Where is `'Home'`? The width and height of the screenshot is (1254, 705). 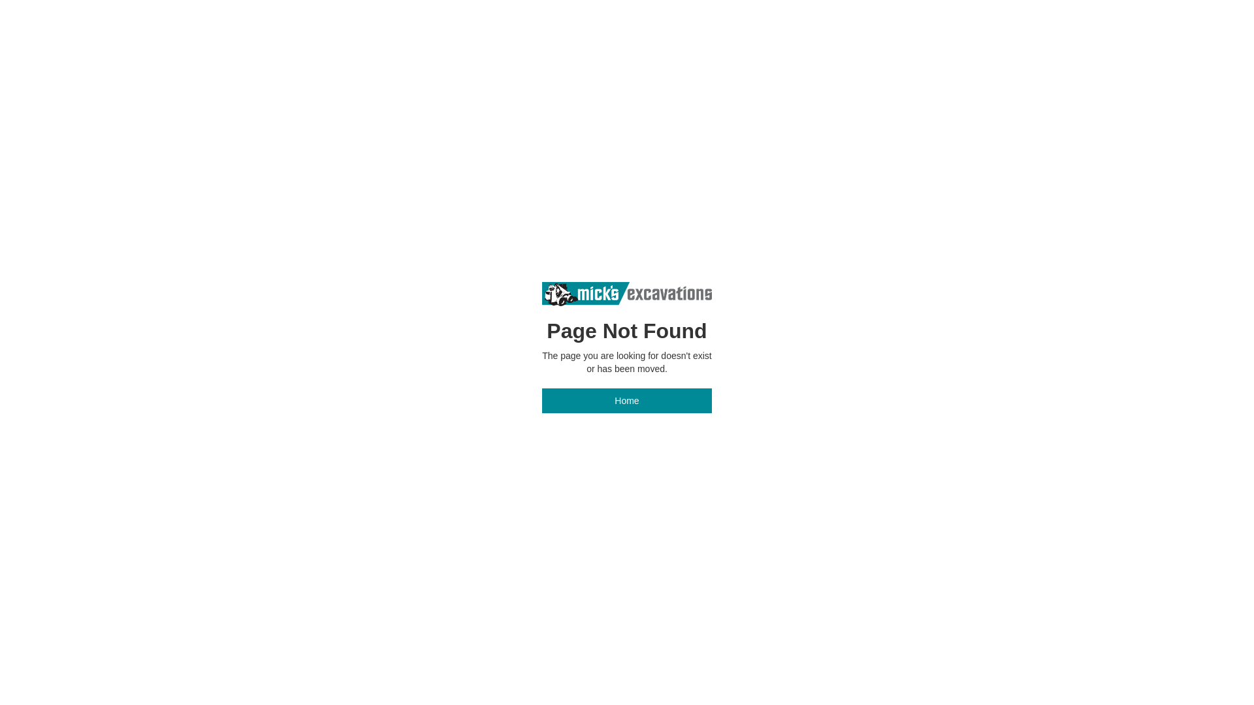
'Home' is located at coordinates (627, 399).